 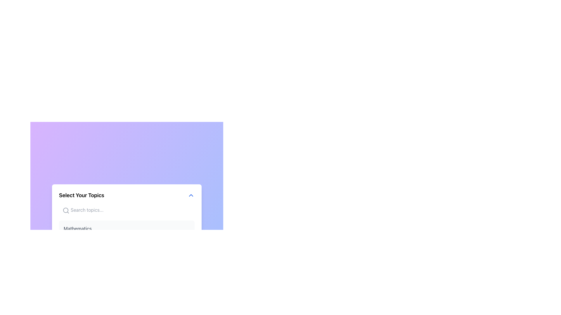 I want to click on the text label reading 'Mathematics' which is styled with a gray font and is located in a selectable list item with a light gray background, so click(x=77, y=228).